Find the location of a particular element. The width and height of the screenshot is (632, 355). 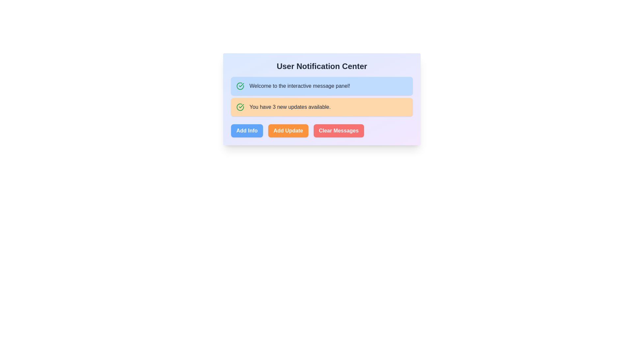

the 'Add Update' button located centrally between 'Add Info' and 'Clear Messages' in the notification panel is located at coordinates (288, 130).